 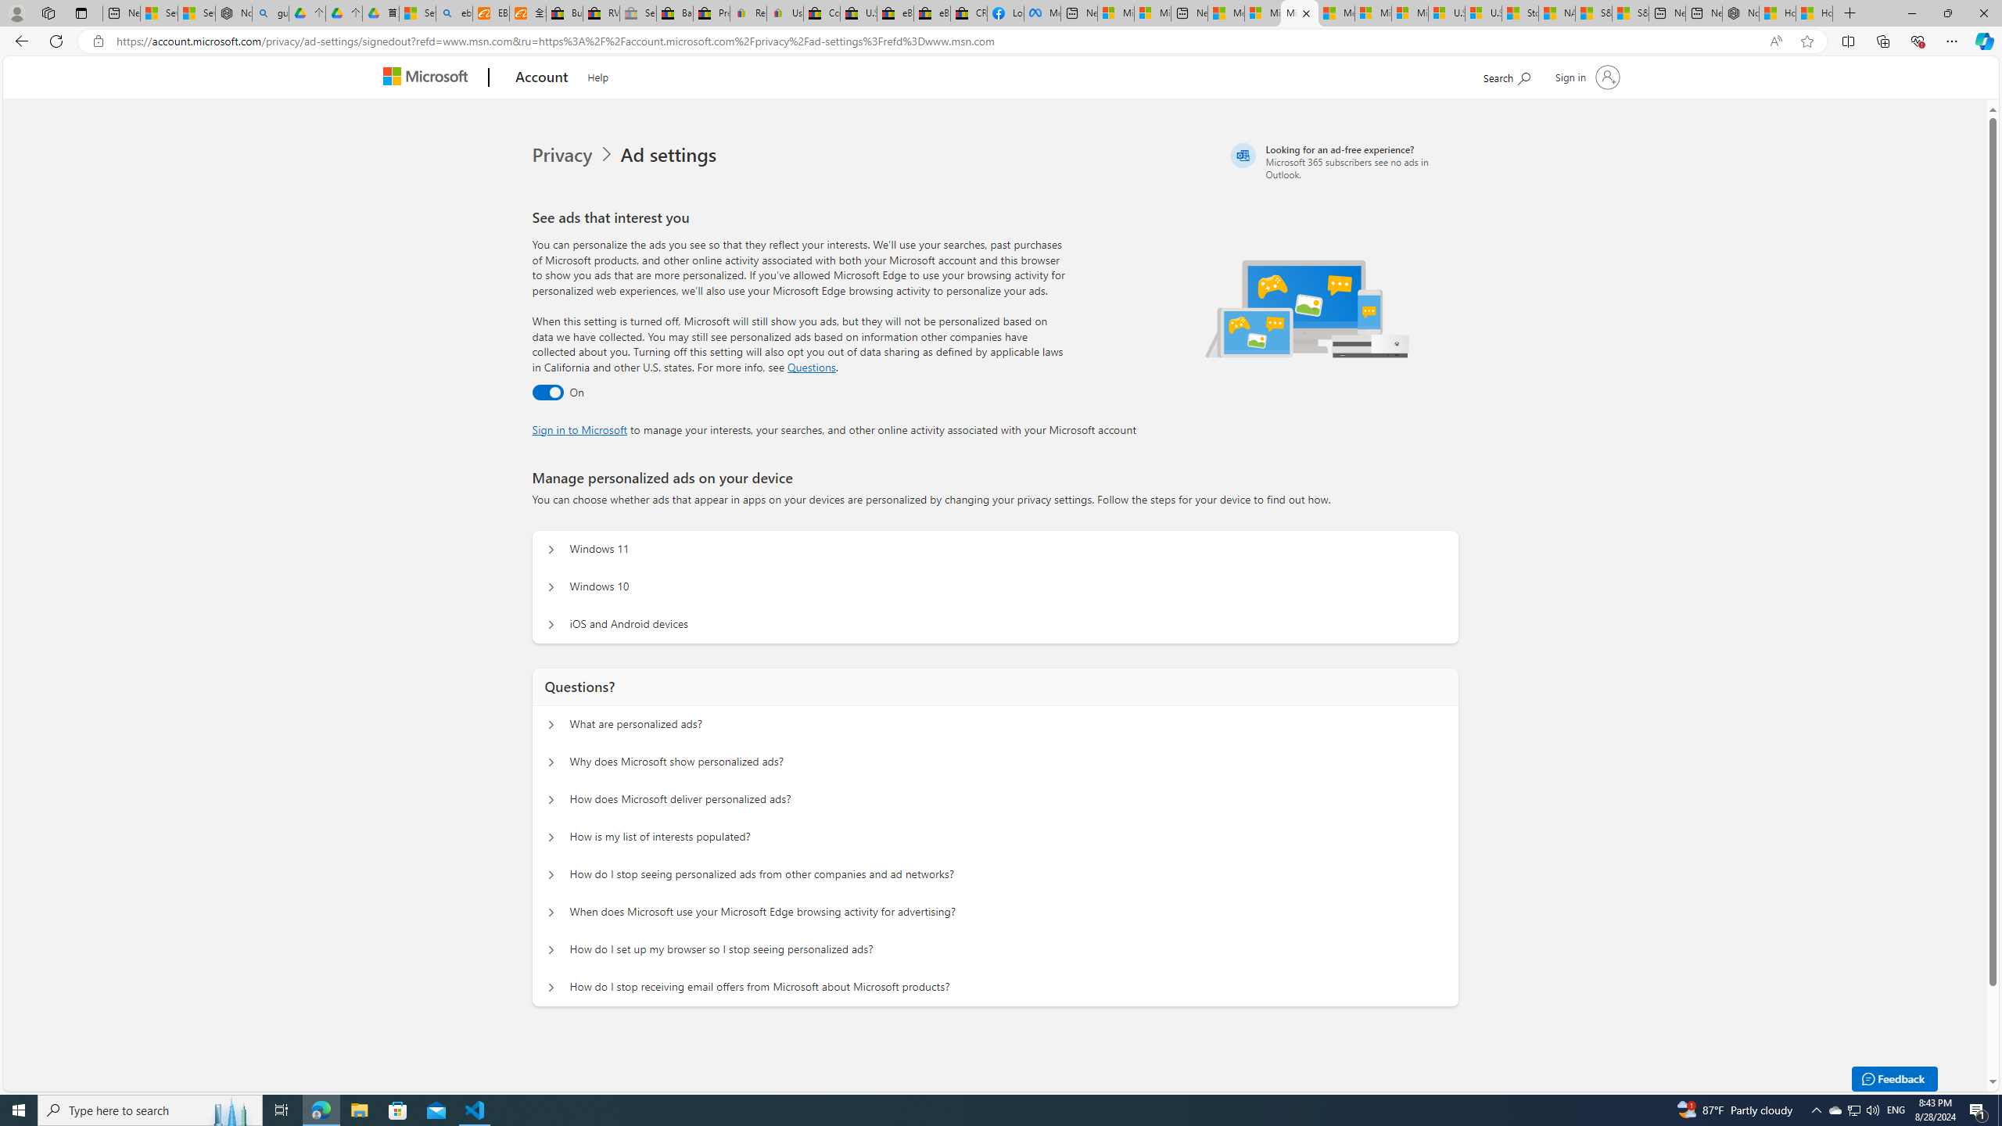 What do you see at coordinates (1505, 75) in the screenshot?
I see `'Search Microsoft.com'` at bounding box center [1505, 75].